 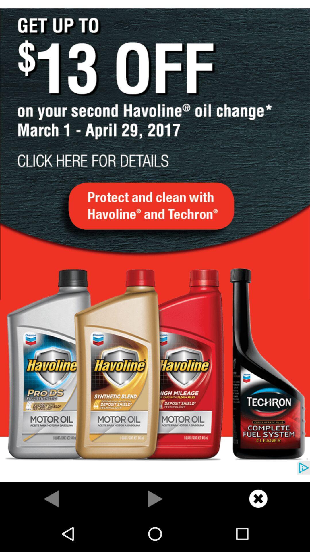 I want to click on previous, so click(x=155, y=498).